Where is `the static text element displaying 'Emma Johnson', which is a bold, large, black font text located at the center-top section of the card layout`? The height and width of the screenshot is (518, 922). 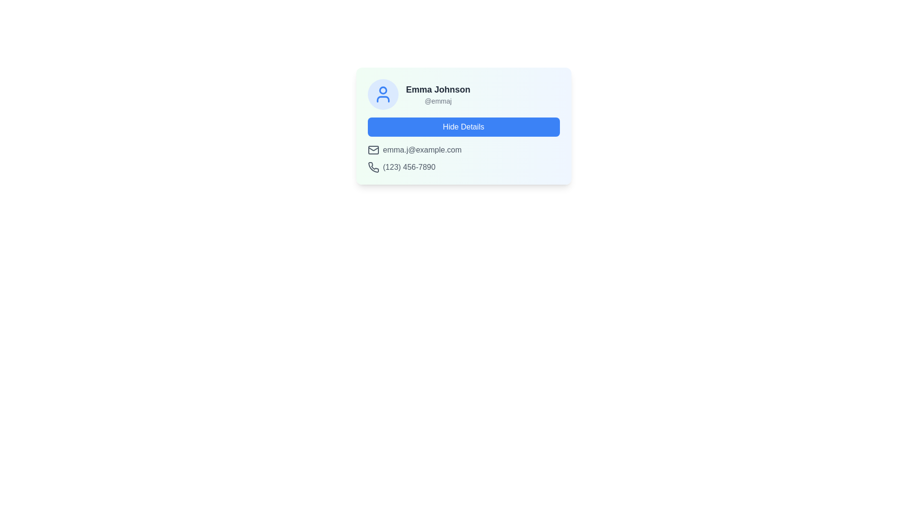
the static text element displaying 'Emma Johnson', which is a bold, large, black font text located at the center-top section of the card layout is located at coordinates (437, 89).